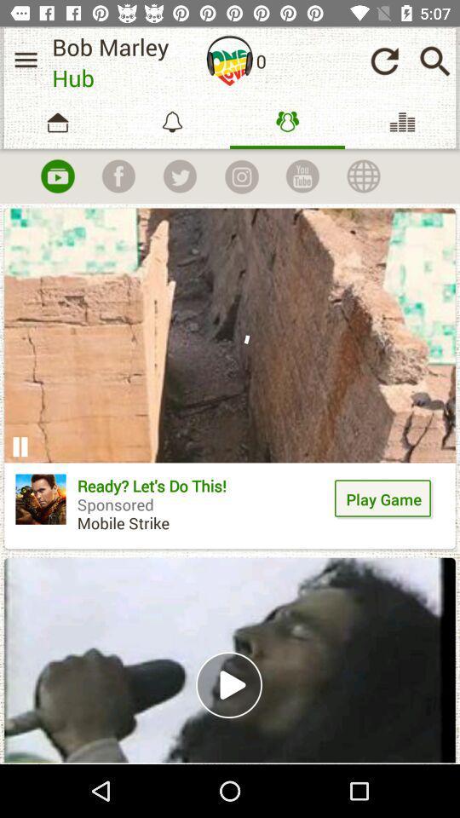 The image size is (460, 818). I want to click on album cover, so click(230, 60).